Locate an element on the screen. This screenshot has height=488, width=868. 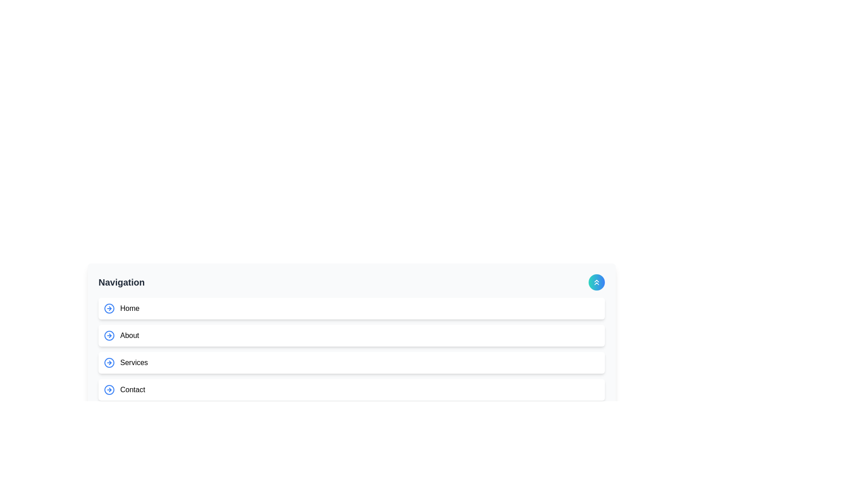
the circular graphical icon that precedes the 'Home' text item in the navigation list, located to the left of the 'Home' label is located at coordinates (108, 308).